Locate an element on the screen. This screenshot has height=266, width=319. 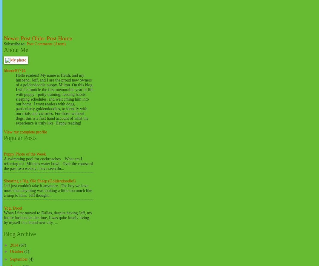
'Subscribe to:' is located at coordinates (15, 44).